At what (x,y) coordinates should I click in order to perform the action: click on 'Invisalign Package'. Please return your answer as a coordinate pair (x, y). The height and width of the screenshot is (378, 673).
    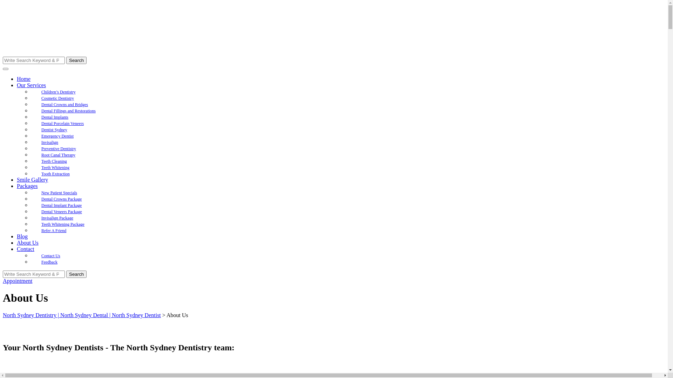
    Looking at the image, I should click on (57, 218).